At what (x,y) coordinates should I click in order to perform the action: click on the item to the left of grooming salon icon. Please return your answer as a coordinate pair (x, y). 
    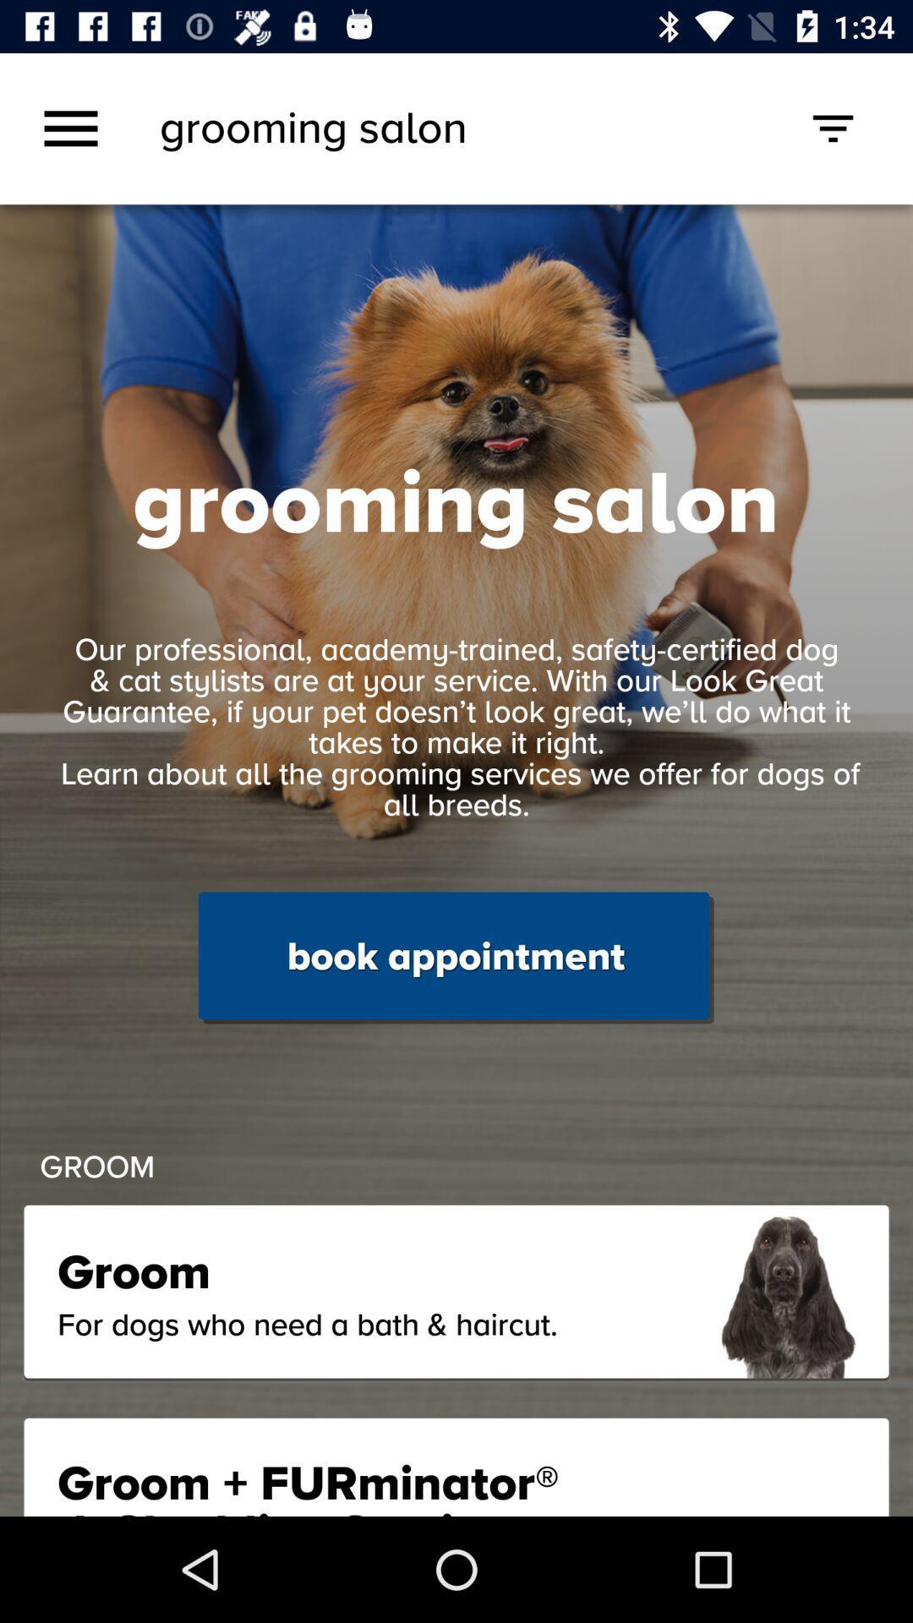
    Looking at the image, I should click on (70, 128).